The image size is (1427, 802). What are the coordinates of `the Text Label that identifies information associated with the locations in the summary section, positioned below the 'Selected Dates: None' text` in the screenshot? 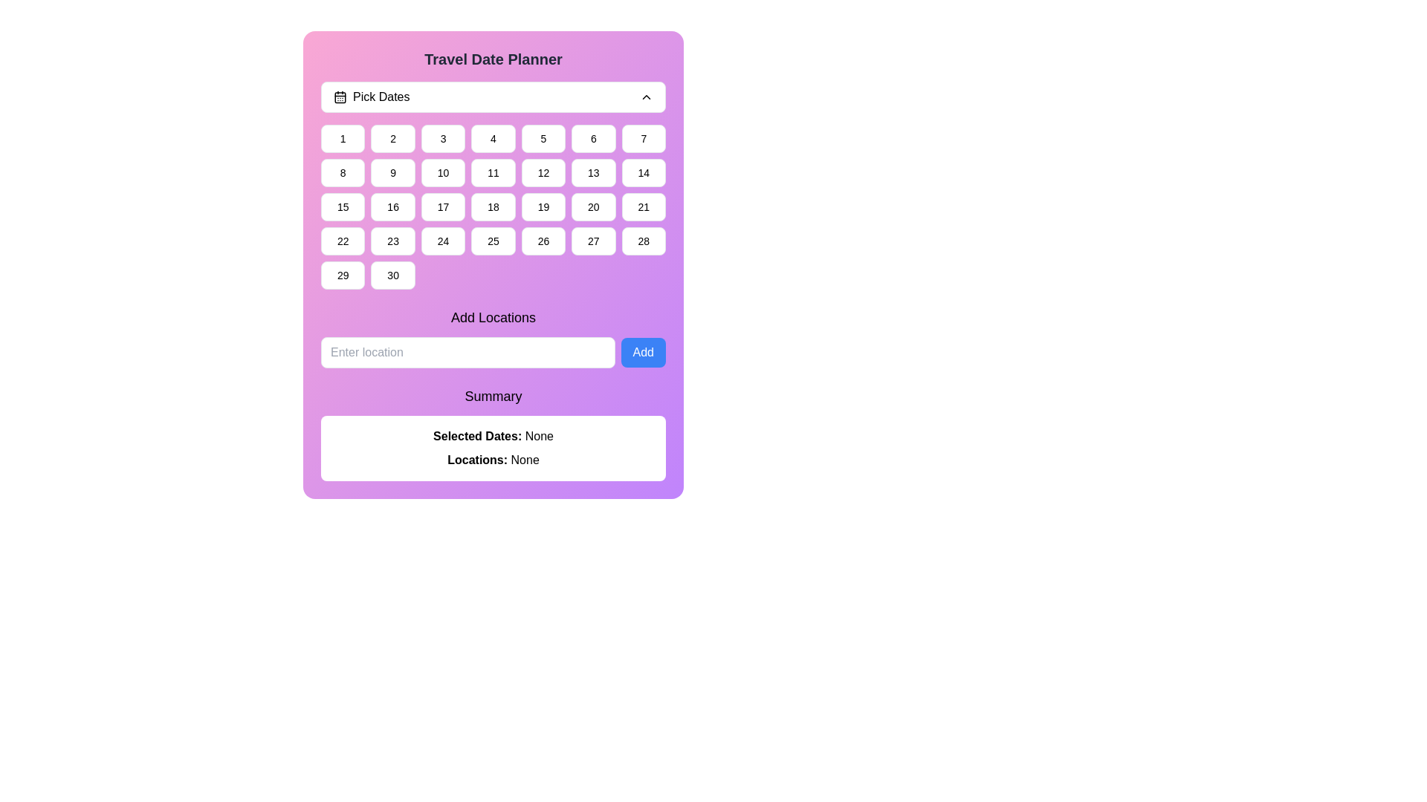 It's located at (479, 459).